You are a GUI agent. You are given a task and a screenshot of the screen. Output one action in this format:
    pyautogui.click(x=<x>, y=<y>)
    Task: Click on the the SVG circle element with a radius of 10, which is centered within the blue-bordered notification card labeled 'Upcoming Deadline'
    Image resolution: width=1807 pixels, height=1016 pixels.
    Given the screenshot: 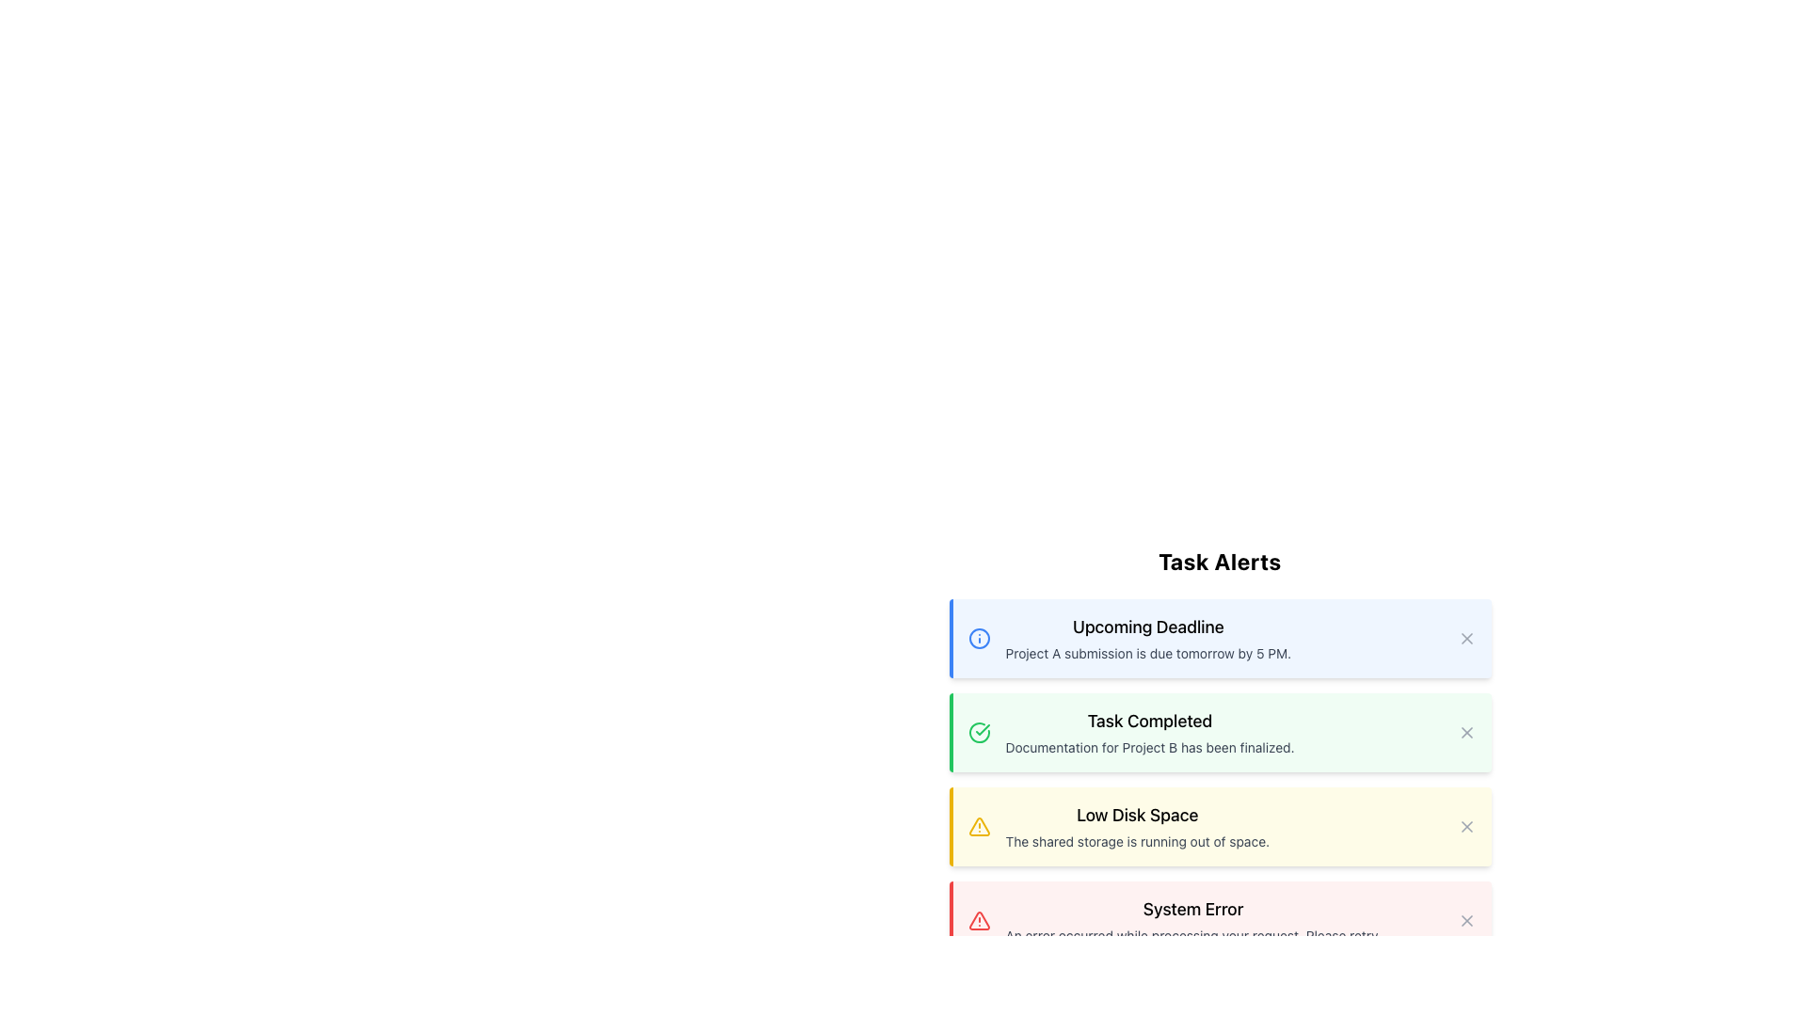 What is the action you would take?
    pyautogui.click(x=979, y=637)
    